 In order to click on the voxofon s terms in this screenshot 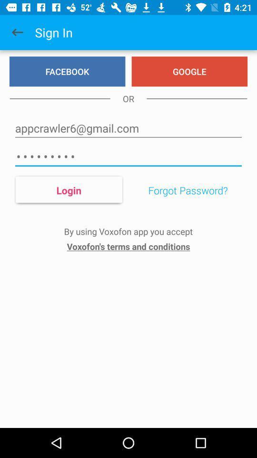, I will do `click(128, 246)`.